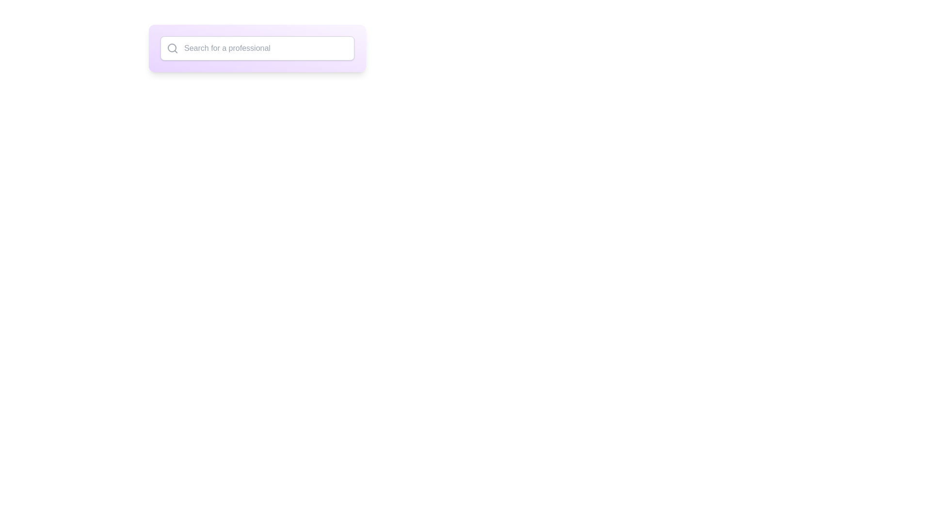  What do you see at coordinates (257, 48) in the screenshot?
I see `the text input field with a magnifying glass icon and placeholder text 'Search for a professional'` at bounding box center [257, 48].